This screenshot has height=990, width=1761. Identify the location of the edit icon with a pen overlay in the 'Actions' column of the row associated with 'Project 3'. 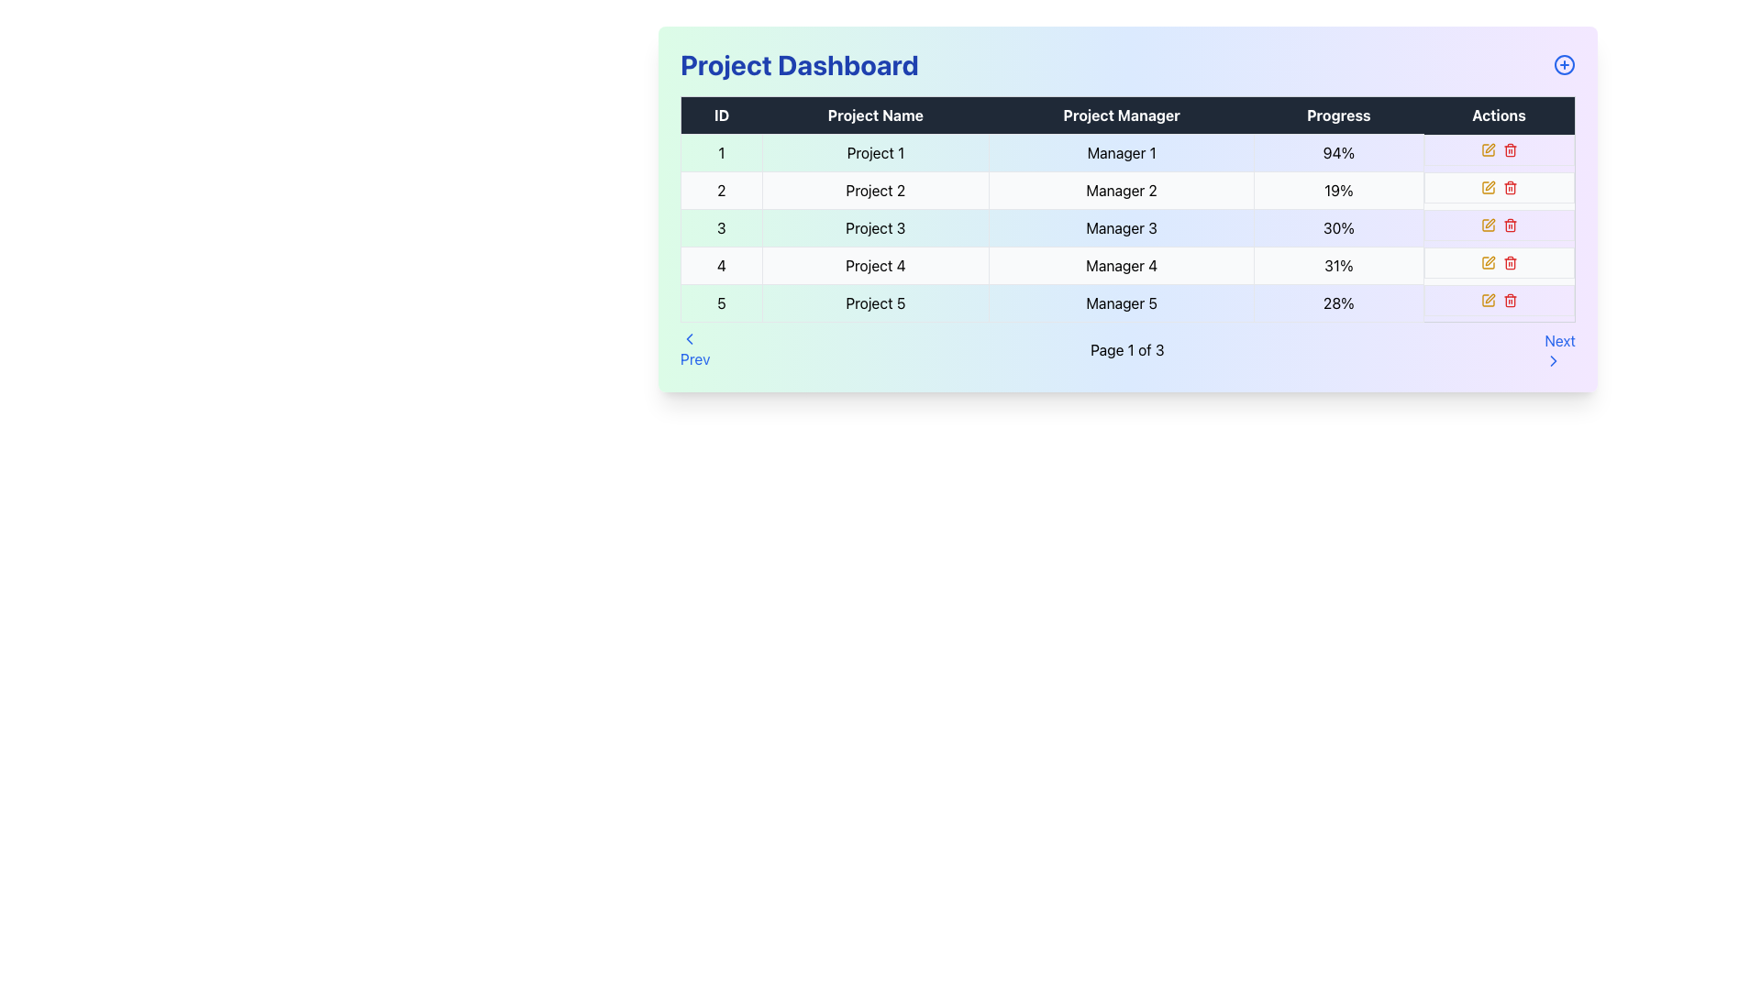
(1488, 224).